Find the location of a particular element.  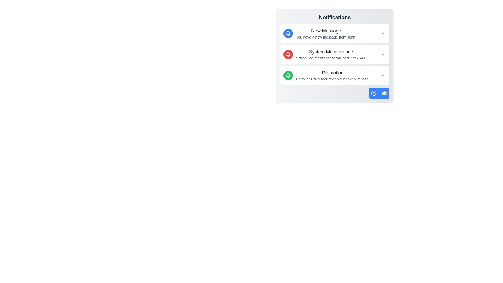

the dismissal button located to the far right of the 'Promotion' notification in the notification panel is located at coordinates (383, 75).